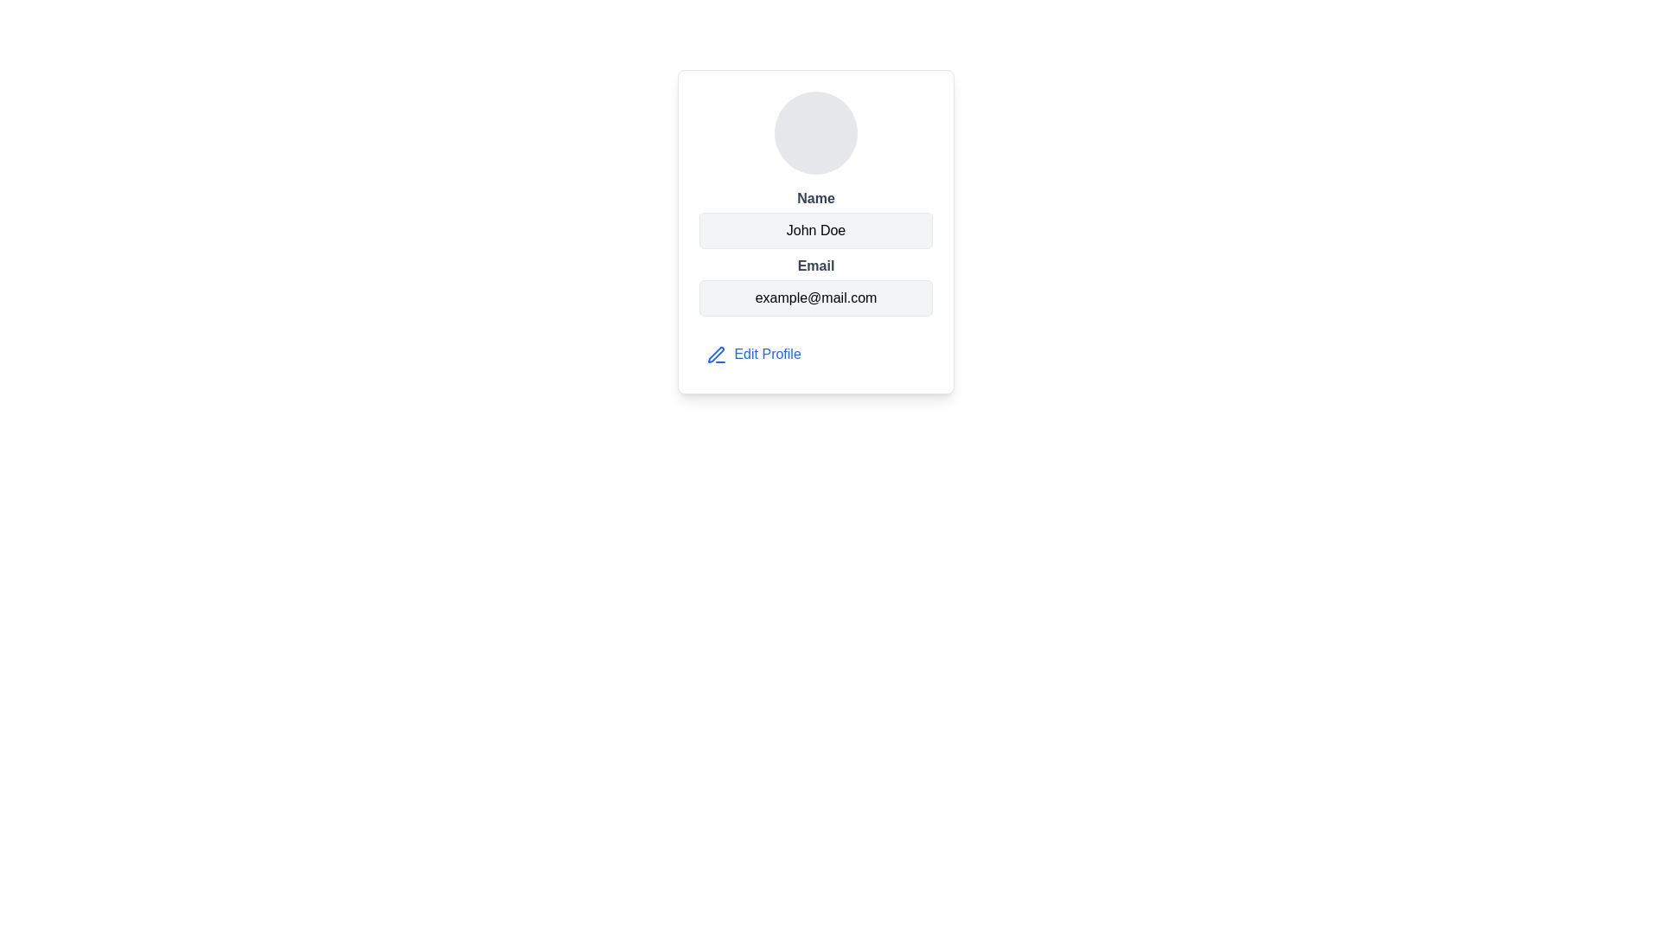 This screenshot has height=934, width=1660. I want to click on the blue outlined pen icon located to the left of the 'Edit Profile' text in the user details card layout, so click(717, 353).